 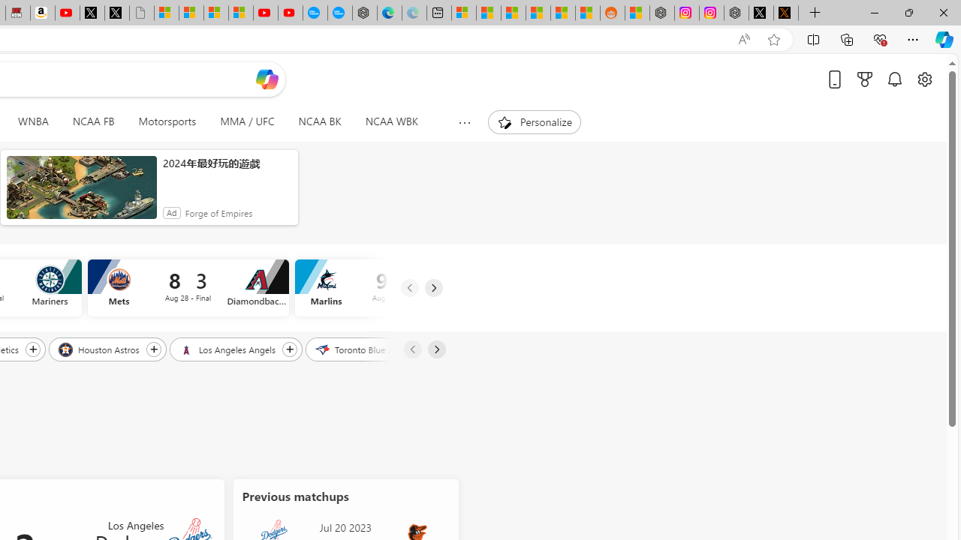 What do you see at coordinates (227, 349) in the screenshot?
I see `'Los Angeles Angels'` at bounding box center [227, 349].